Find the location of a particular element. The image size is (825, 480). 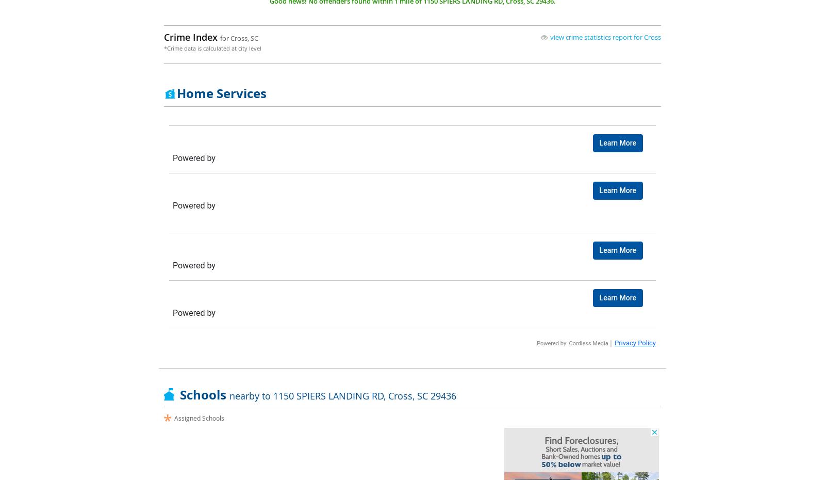

'*Crime data is calculated at city level' is located at coordinates (164, 48).